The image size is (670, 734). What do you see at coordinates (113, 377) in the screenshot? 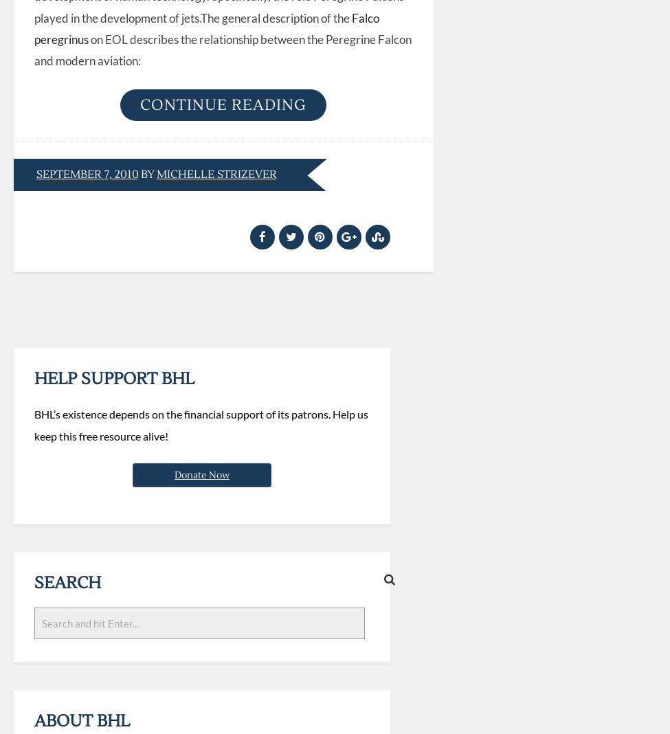
I see `'Help Support BHL'` at bounding box center [113, 377].